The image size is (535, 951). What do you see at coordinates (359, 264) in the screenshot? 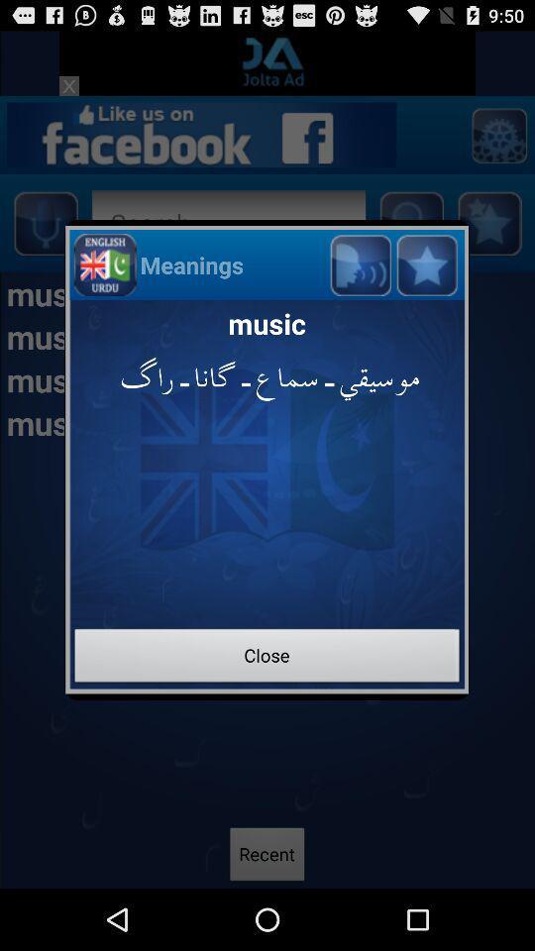
I see `volume button` at bounding box center [359, 264].